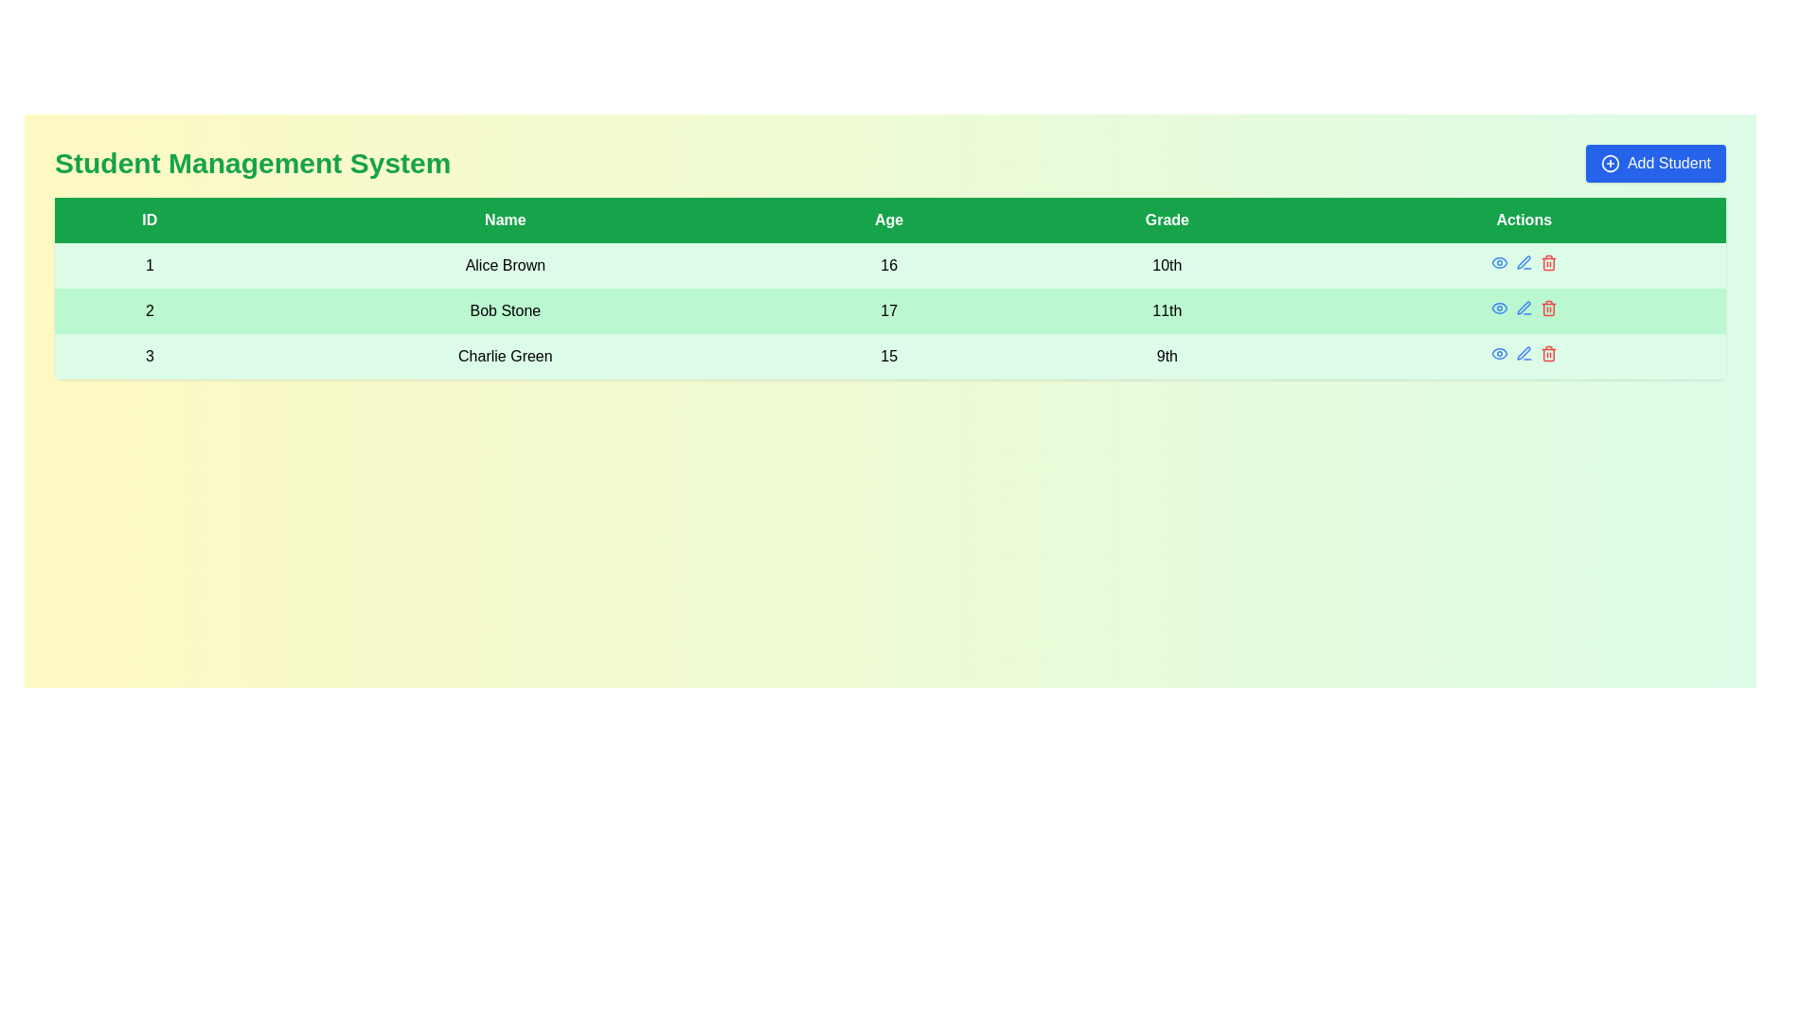 This screenshot has width=1818, height=1022. I want to click on the static text element representing the identifier in the first row and first column of the table under the 'ID' header, so click(149, 266).